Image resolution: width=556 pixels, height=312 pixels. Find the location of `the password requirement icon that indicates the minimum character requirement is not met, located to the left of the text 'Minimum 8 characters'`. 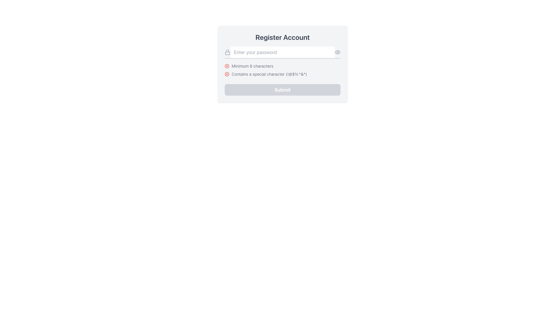

the password requirement icon that indicates the minimum character requirement is not met, located to the left of the text 'Minimum 8 characters' is located at coordinates (226, 66).